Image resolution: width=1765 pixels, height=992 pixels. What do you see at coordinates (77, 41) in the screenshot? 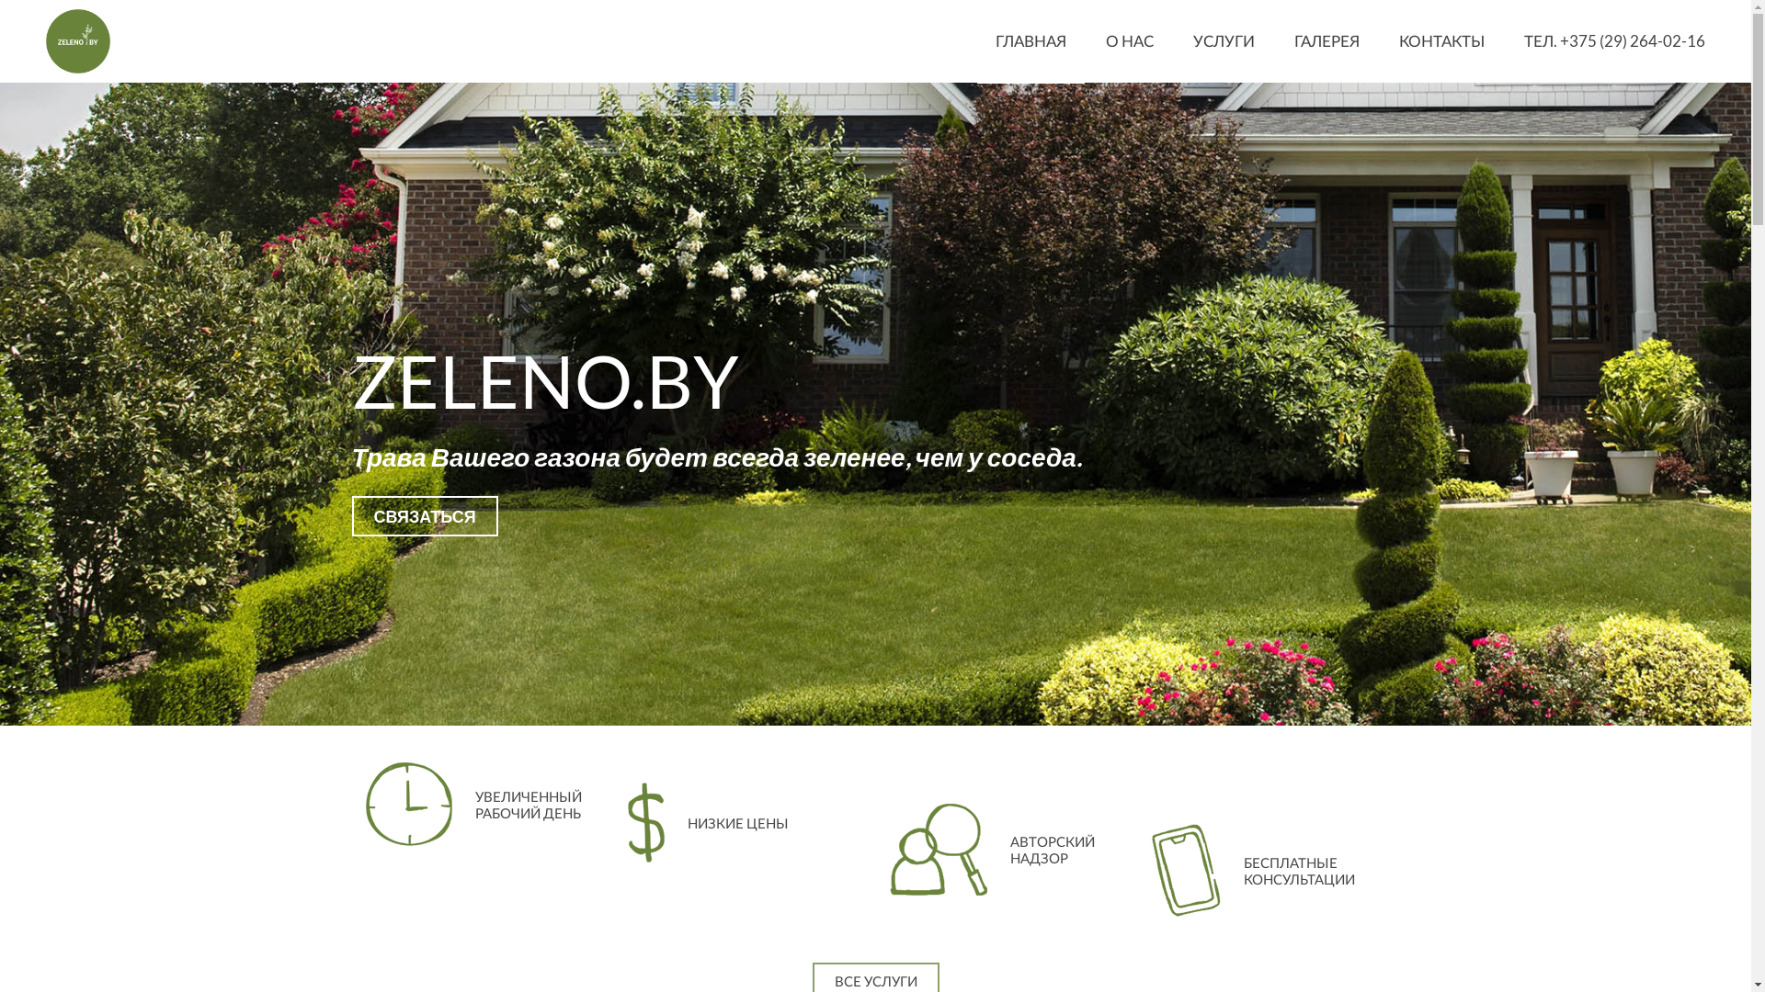
I see `'ZELENO.BY'` at bounding box center [77, 41].